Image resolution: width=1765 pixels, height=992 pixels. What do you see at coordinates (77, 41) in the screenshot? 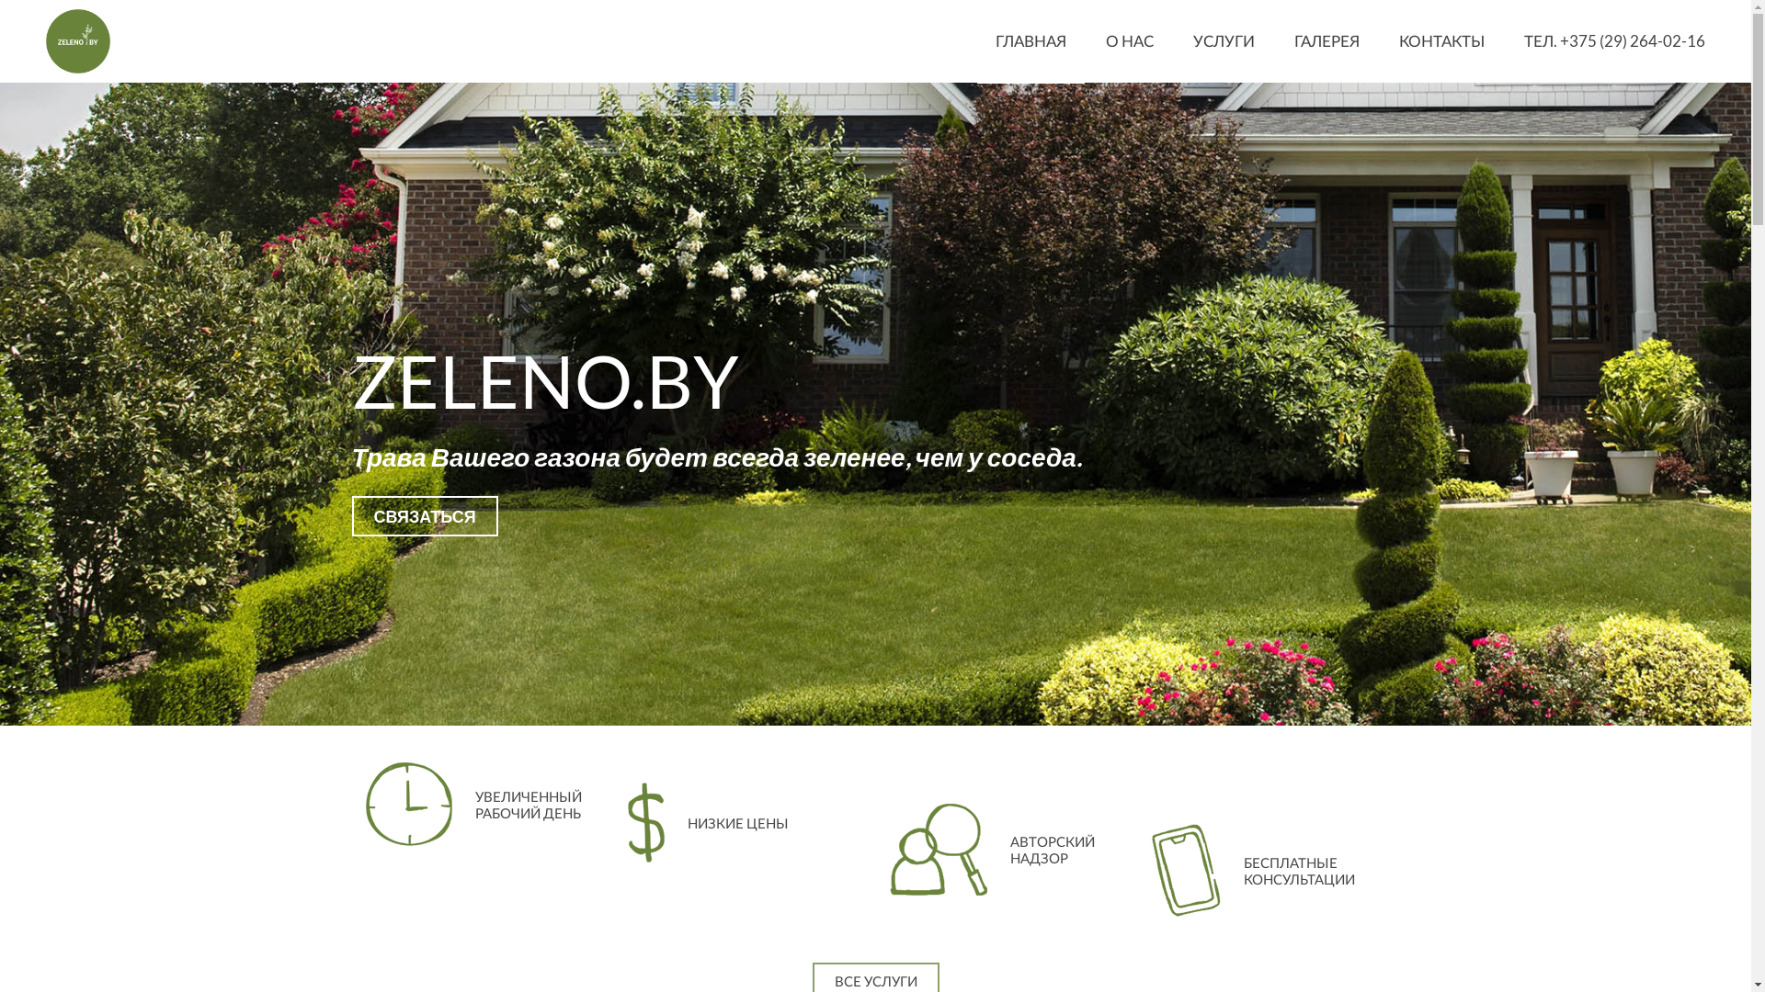
I see `'ZELENO.BY'` at bounding box center [77, 41].